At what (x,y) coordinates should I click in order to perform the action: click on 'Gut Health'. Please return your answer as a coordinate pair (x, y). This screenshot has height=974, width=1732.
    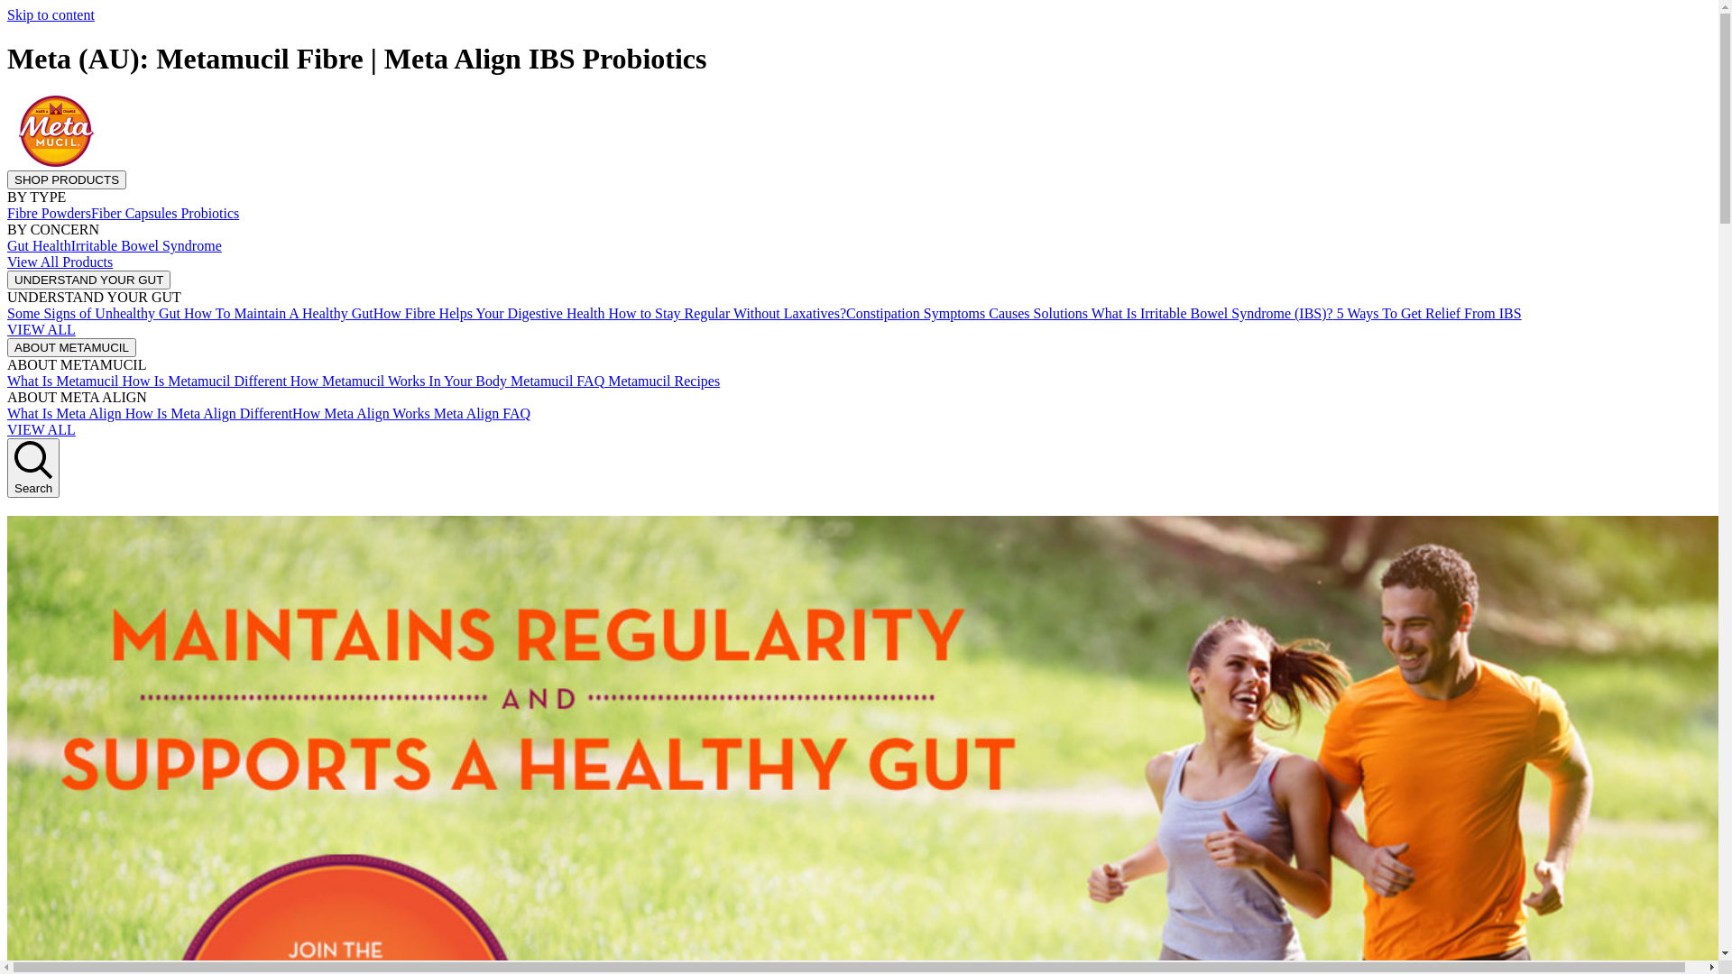
    Looking at the image, I should click on (39, 245).